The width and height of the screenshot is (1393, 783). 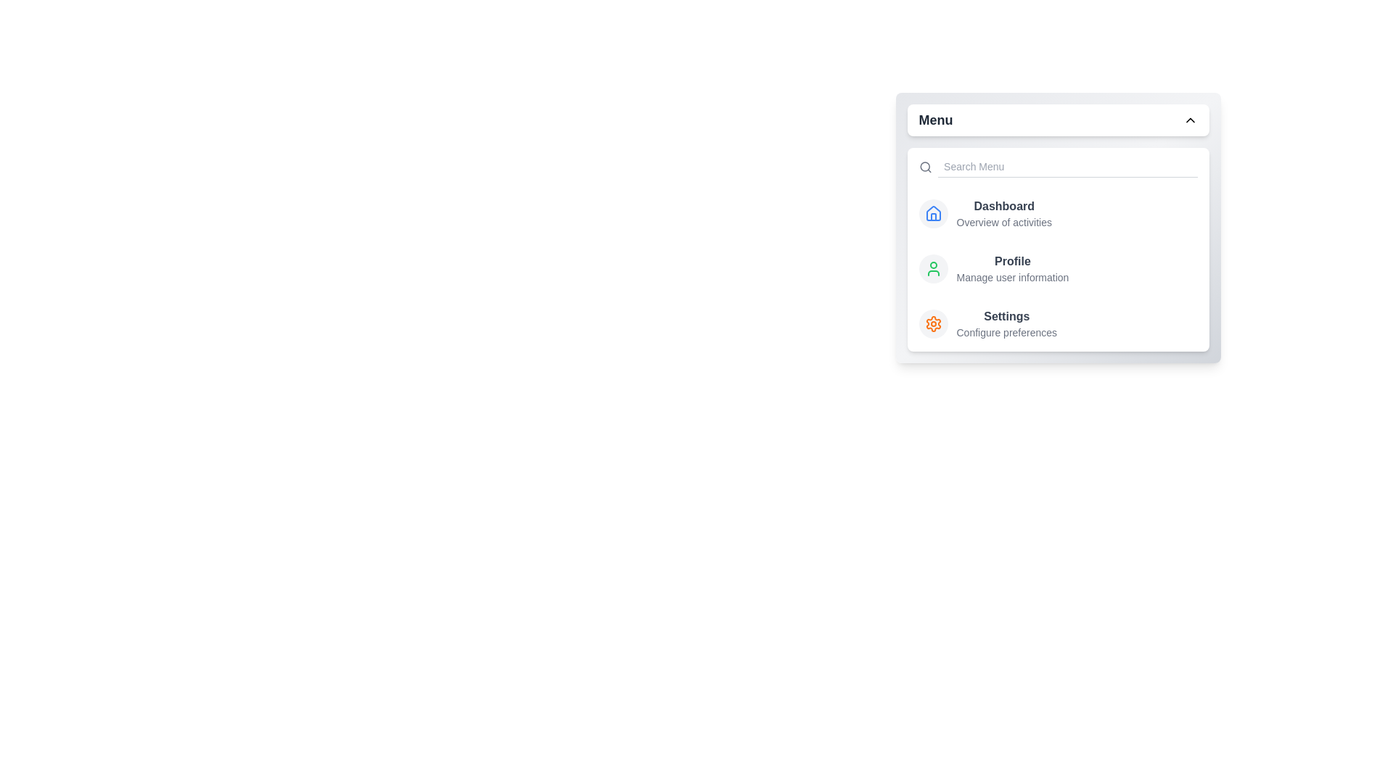 I want to click on the menu item labeled Settings, so click(x=1006, y=315).